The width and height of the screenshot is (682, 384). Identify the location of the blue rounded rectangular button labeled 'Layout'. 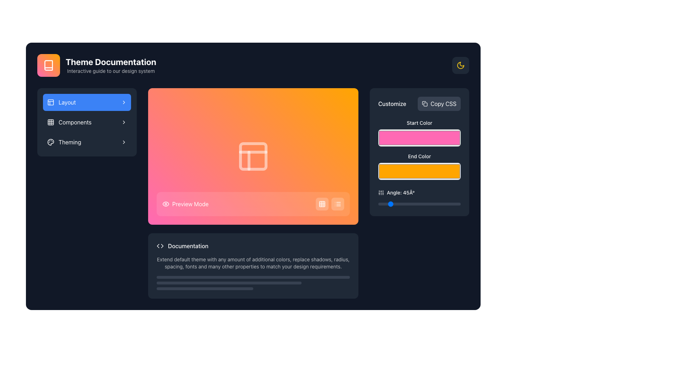
(86, 102).